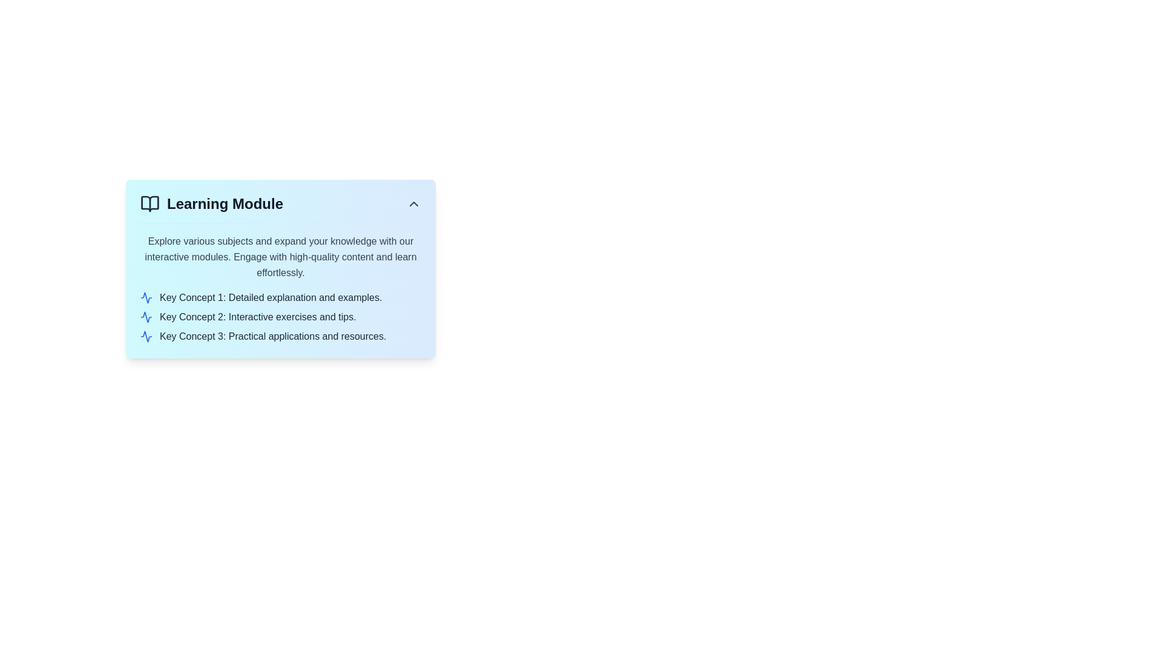  Describe the element at coordinates (145, 336) in the screenshot. I see `the icon associated with 'Key Concept 3: Practical applications and resources', which is located to the left of the corresponding text` at that location.